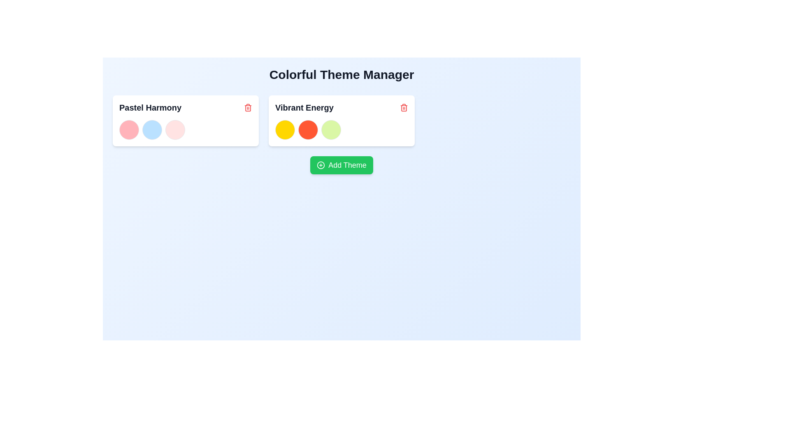 This screenshot has height=444, width=790. Describe the element at coordinates (175, 129) in the screenshot. I see `the light pink circular color swatch located within the 'Pastel Harmony' card, which is the third circle from the left in a row of three circles` at that location.